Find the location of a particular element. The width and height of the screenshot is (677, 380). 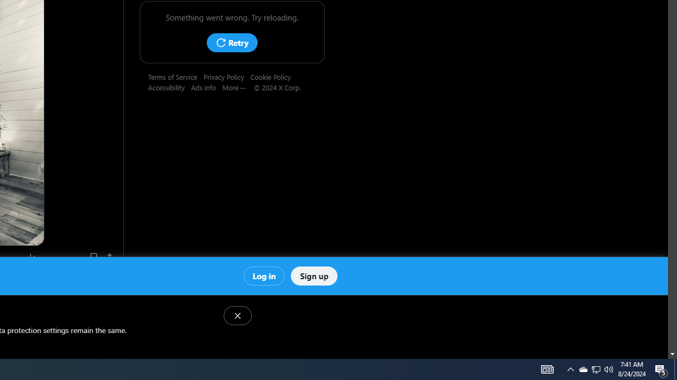

'Accessibility' is located at coordinates (170, 87).